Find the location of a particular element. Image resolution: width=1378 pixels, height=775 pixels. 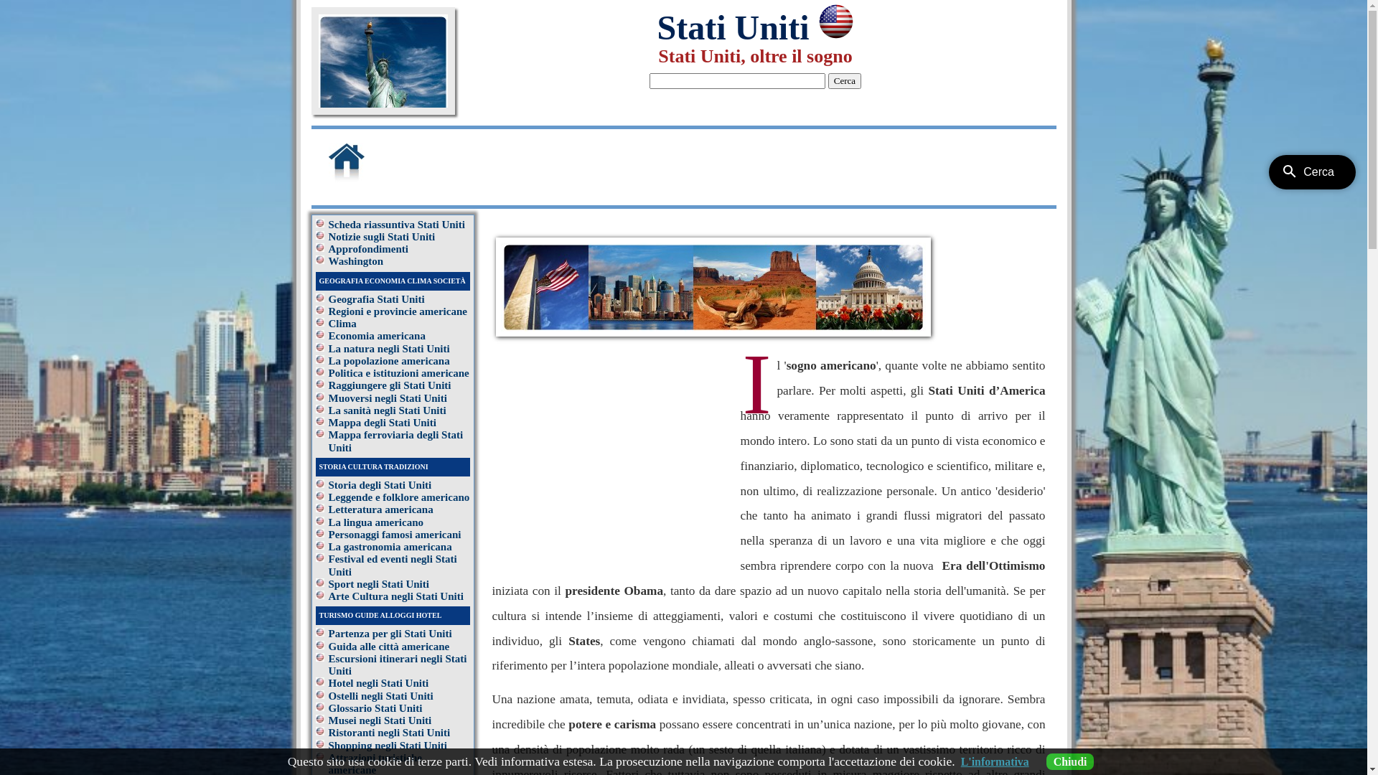

'Advertisement' is located at coordinates (613, 454).